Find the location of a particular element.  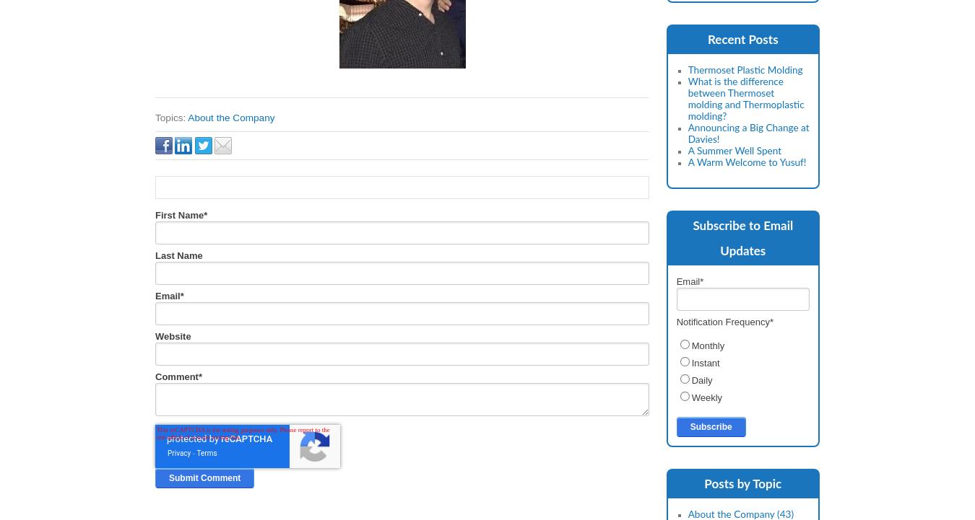

'Instant' is located at coordinates (704, 362).